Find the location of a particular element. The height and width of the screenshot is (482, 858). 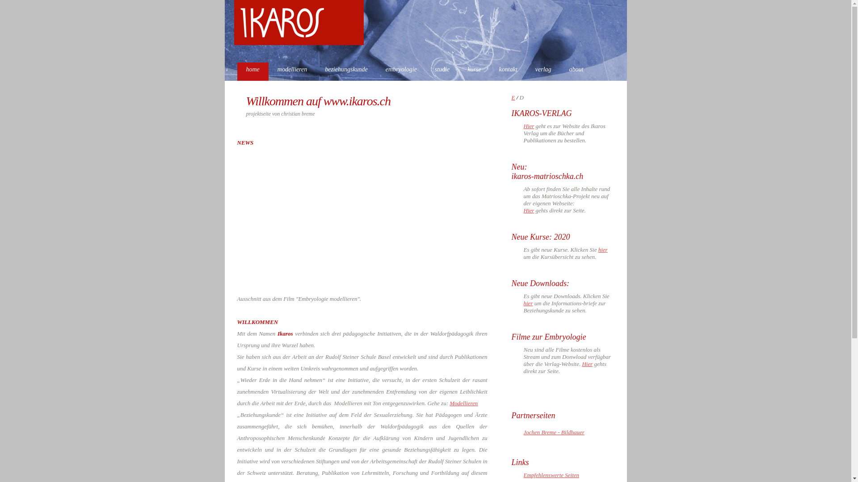

'Modellieren' is located at coordinates (463, 403).